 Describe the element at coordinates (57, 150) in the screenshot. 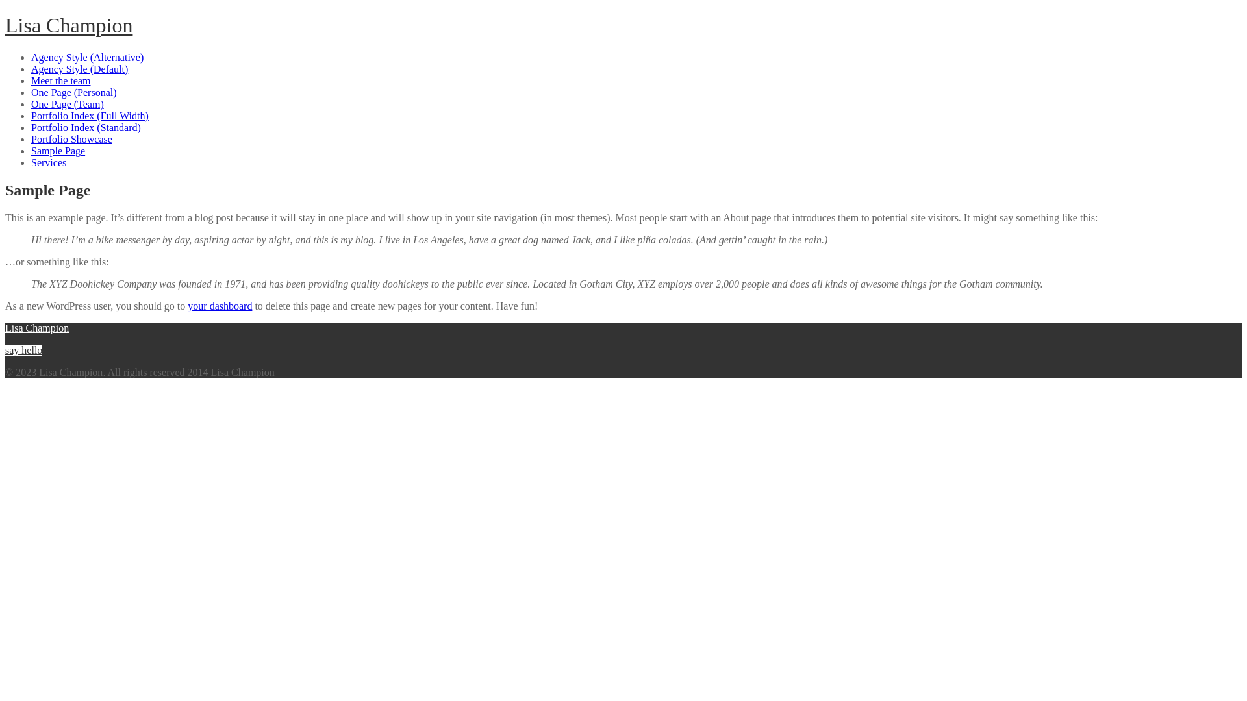

I see `'Sample Page'` at that location.